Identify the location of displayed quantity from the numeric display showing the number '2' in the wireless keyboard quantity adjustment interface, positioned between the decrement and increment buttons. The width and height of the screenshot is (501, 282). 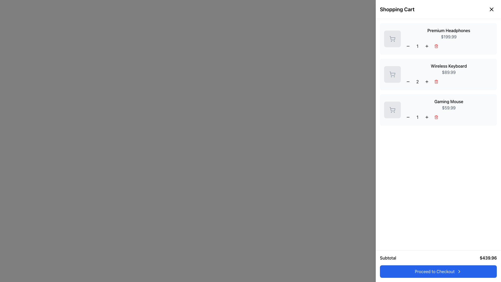
(417, 81).